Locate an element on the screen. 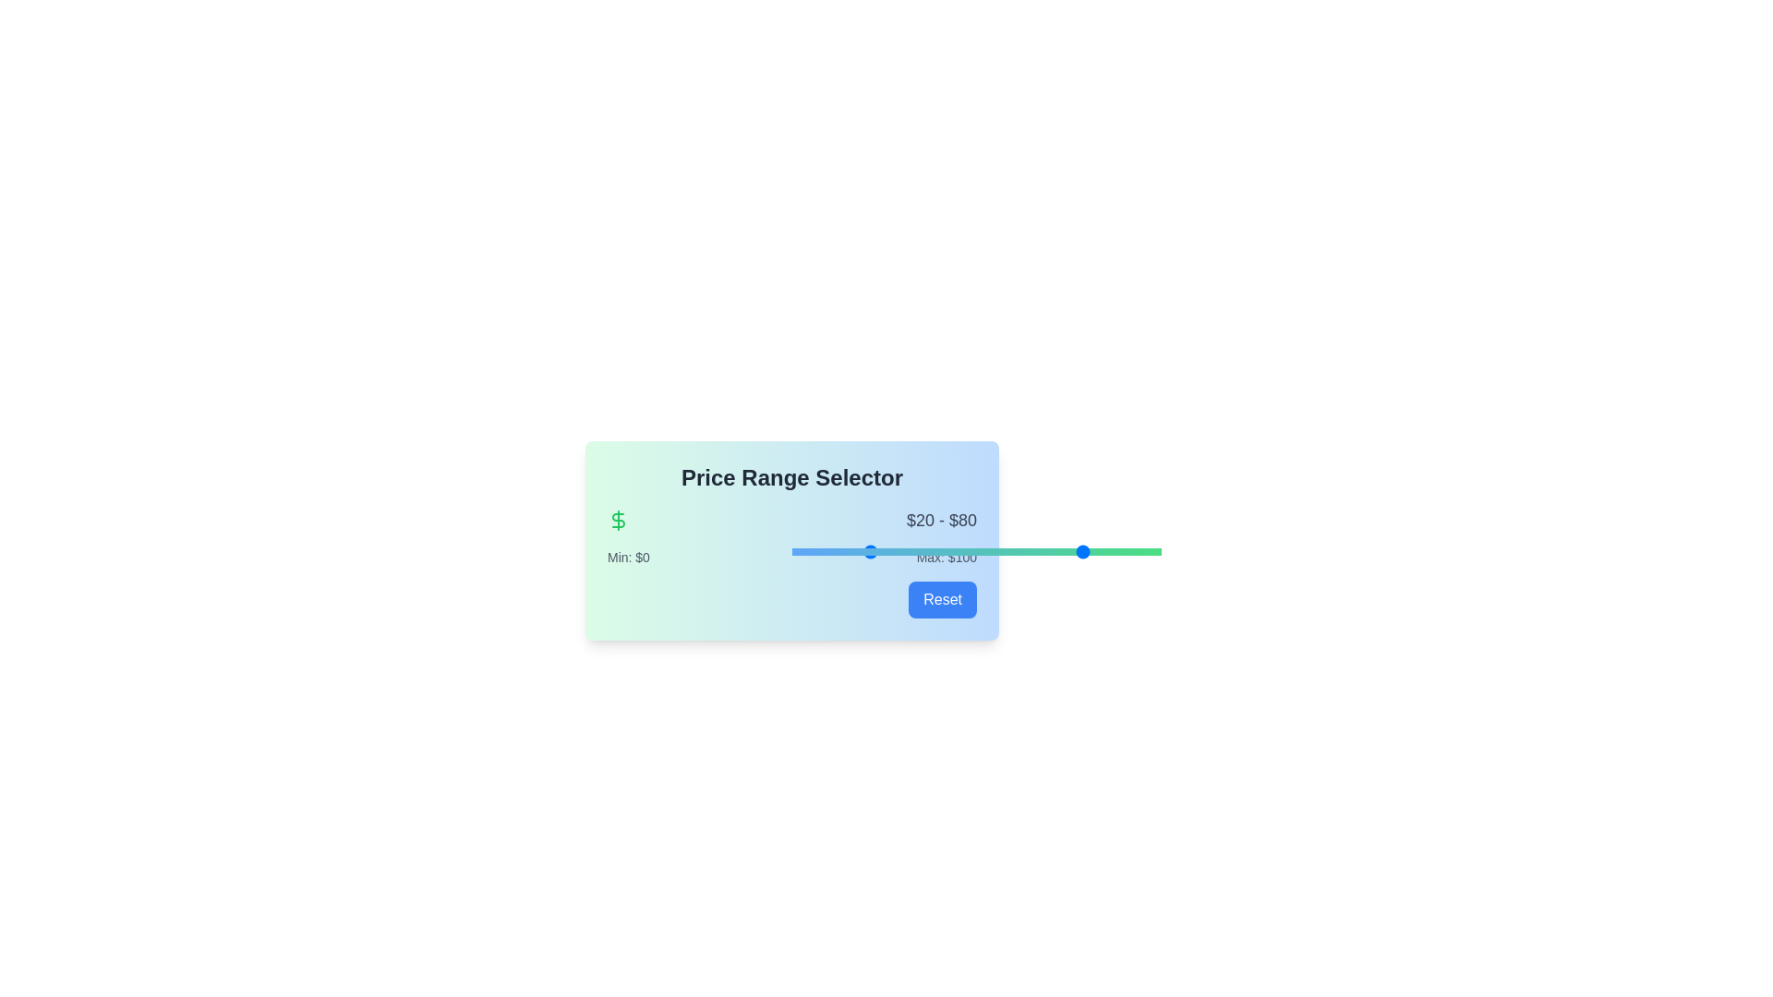 This screenshot has height=997, width=1773. the slider input located on the right side of the 'Price Range Selector' panel, beneath the numeric indicators '$20 - $80', to potentially view tooltips or feedback is located at coordinates (975, 550).